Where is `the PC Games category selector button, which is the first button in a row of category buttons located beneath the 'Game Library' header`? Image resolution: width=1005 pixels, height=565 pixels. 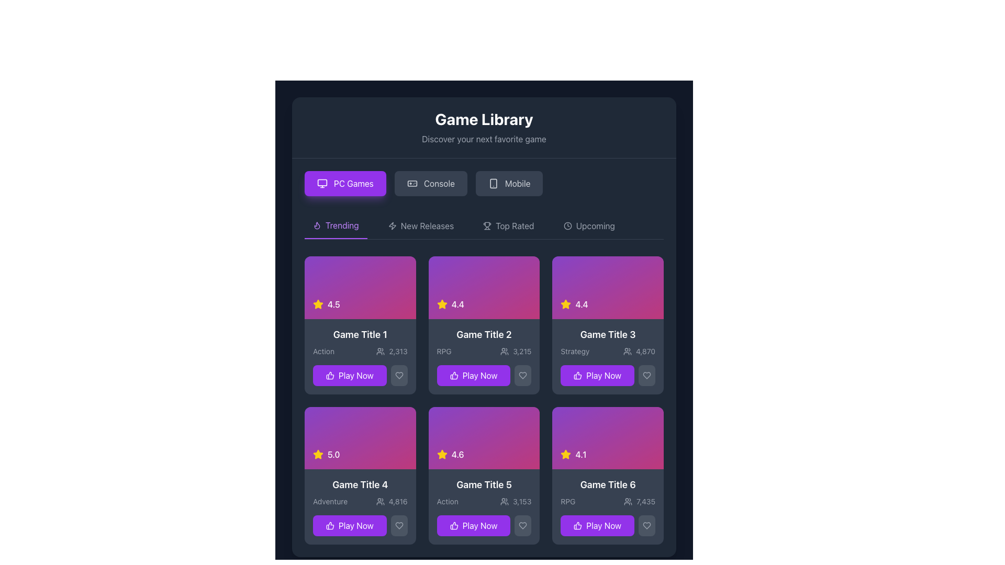 the PC Games category selector button, which is the first button in a row of category buttons located beneath the 'Game Library' header is located at coordinates (345, 183).